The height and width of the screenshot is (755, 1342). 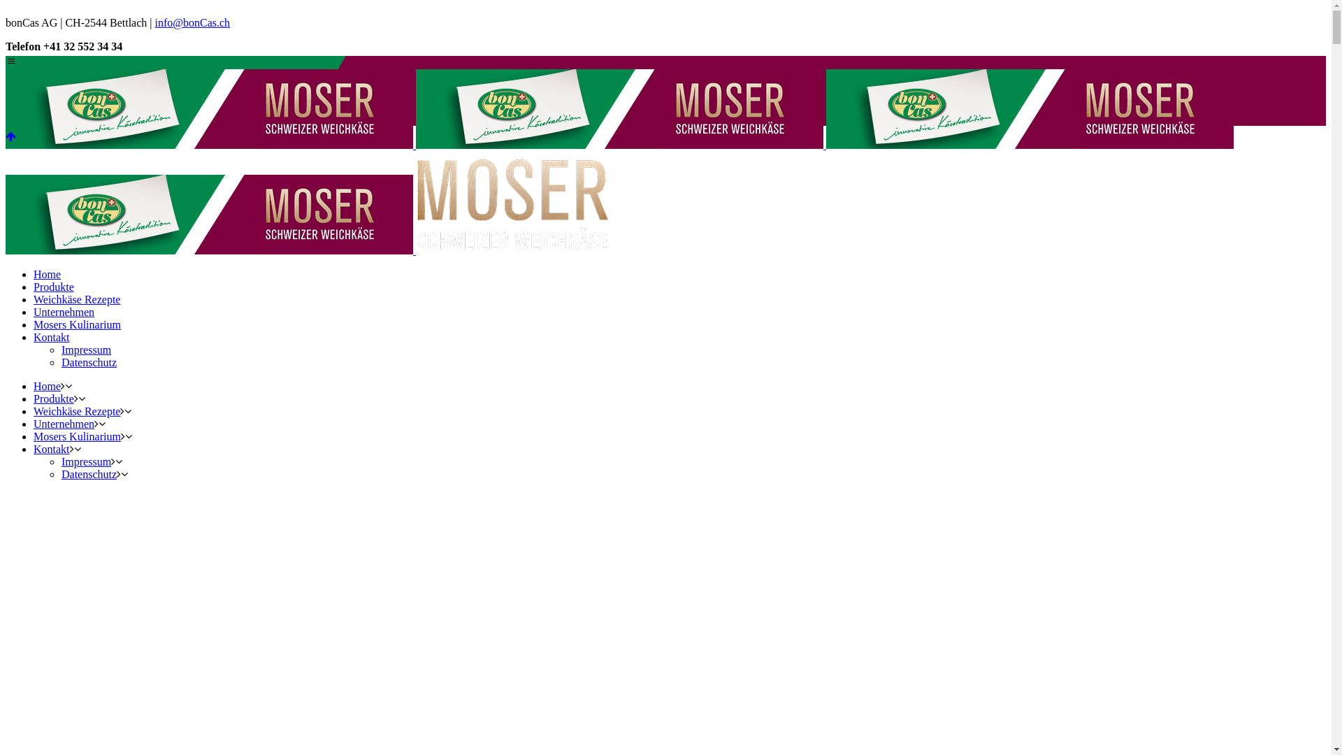 What do you see at coordinates (63, 311) in the screenshot?
I see `'Unternehmen'` at bounding box center [63, 311].